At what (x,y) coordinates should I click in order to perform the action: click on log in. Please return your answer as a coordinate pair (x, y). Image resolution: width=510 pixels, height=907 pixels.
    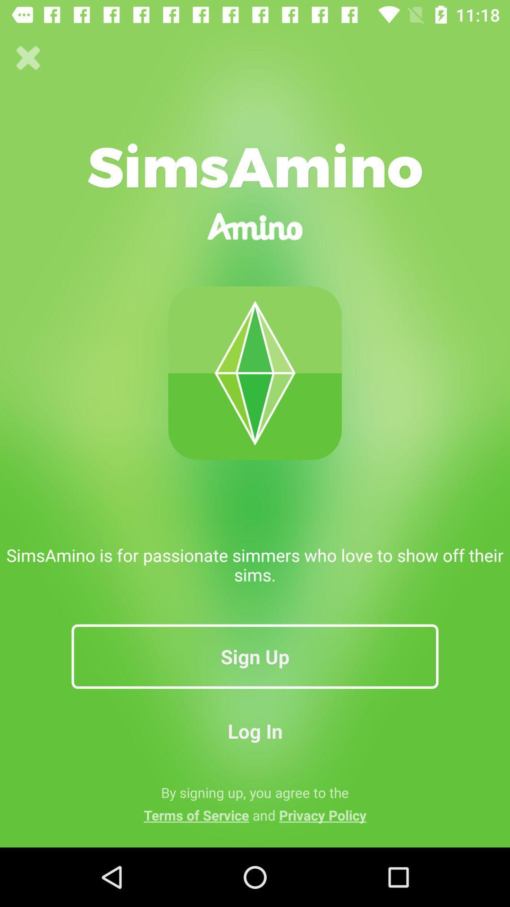
    Looking at the image, I should click on (255, 730).